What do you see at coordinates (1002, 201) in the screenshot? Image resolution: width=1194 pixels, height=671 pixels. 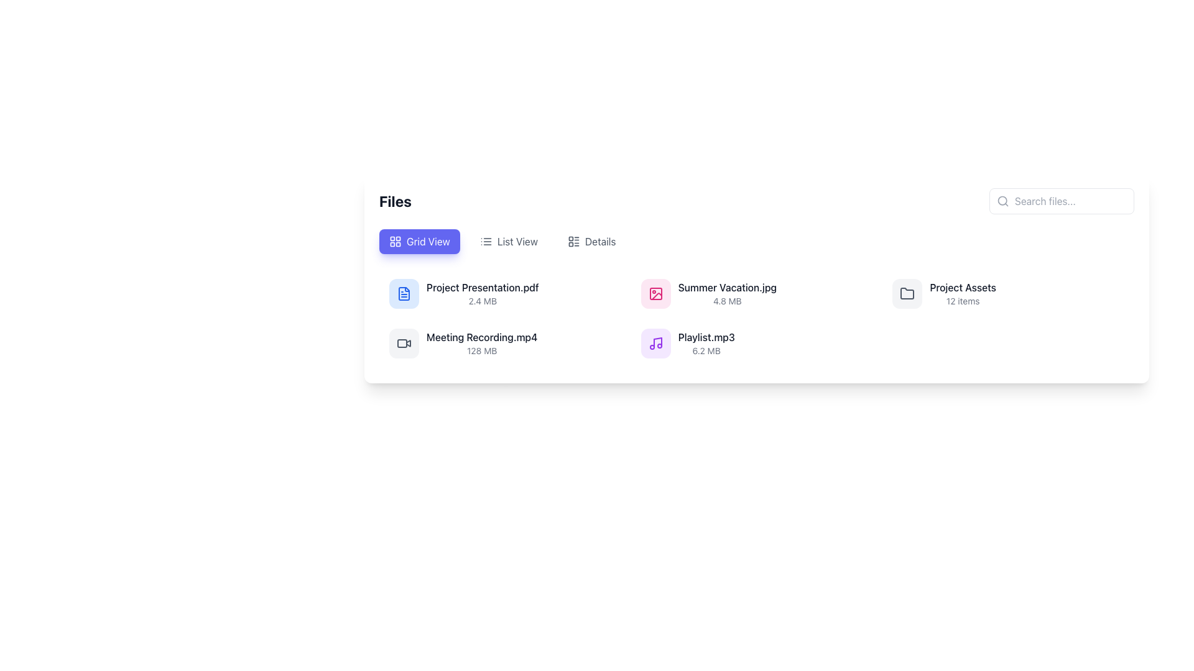 I see `the search bar icon located at the top-right corner of the interface, which indicates the presence of a search bar for users to type their query` at bounding box center [1002, 201].